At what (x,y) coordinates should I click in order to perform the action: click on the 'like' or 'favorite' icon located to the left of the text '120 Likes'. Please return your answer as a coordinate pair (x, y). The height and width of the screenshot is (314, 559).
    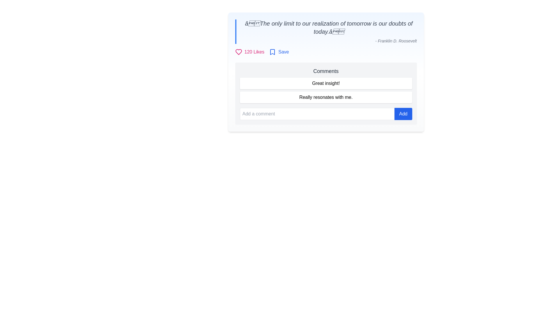
    Looking at the image, I should click on (238, 51).